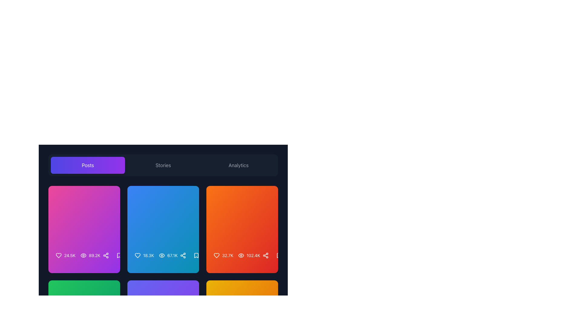  Describe the element at coordinates (242, 230) in the screenshot. I see `the icons of the Metric Display Card, which features statistics '32.7K' and '102.4K' with heart and eye icons, located in the third column of the first row` at that location.